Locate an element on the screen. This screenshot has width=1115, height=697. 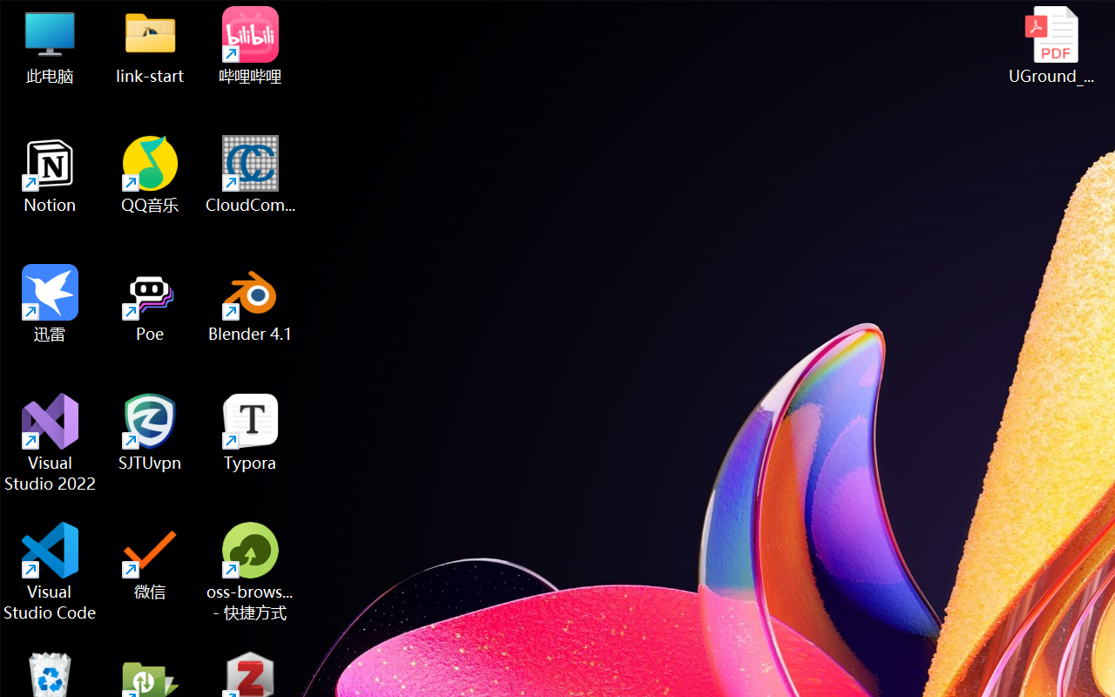
'Poe' is located at coordinates (150, 303).